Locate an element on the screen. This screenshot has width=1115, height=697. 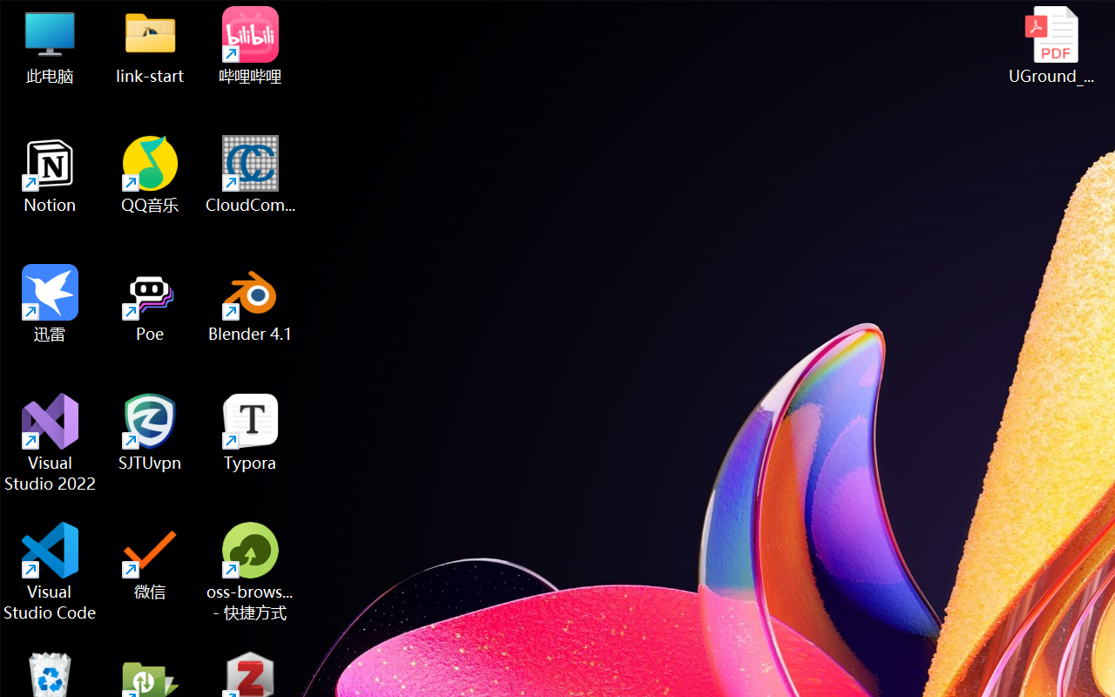
'Poe' is located at coordinates (150, 303).